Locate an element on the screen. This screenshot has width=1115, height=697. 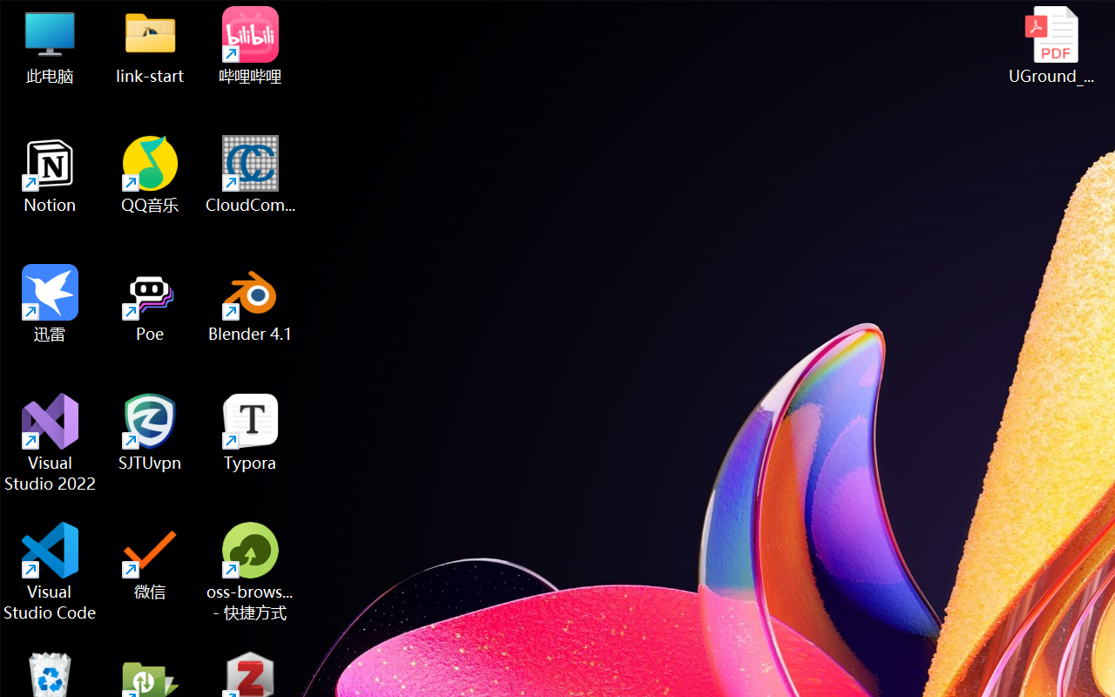
'Poe' is located at coordinates (150, 303).